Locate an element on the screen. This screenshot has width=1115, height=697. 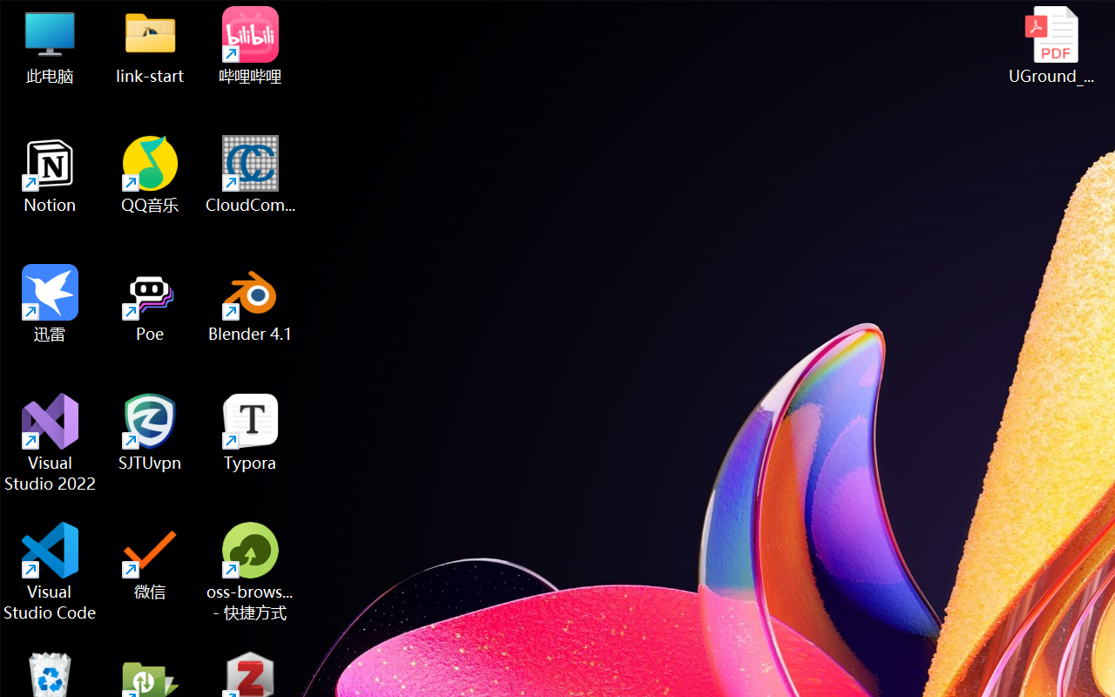
'Poe' is located at coordinates (150, 303).